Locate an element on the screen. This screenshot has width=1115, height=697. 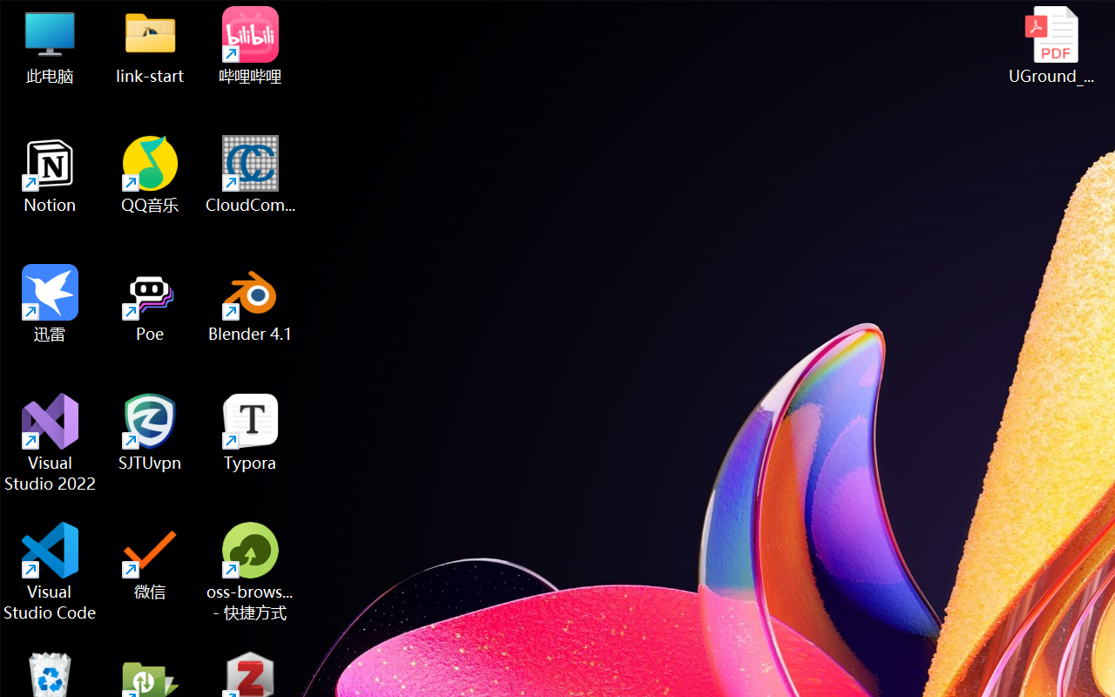
'Poe' is located at coordinates (150, 303).